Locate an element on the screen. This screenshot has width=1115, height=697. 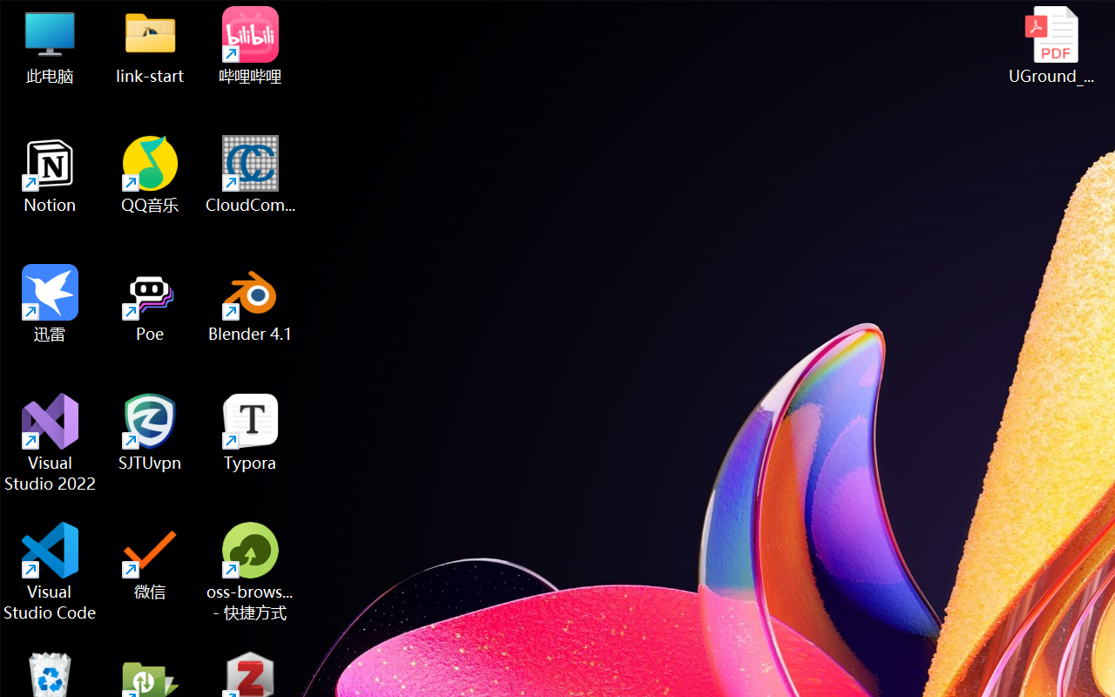
'Poe' is located at coordinates (150, 303).